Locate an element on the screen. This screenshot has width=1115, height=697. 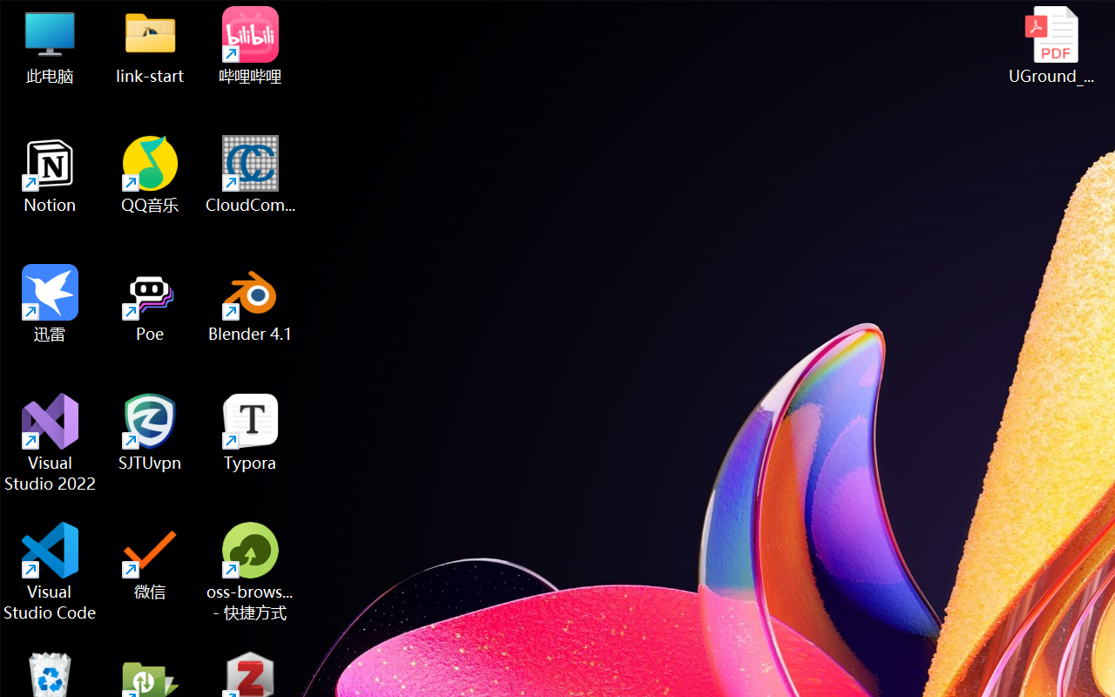
'Poe' is located at coordinates (150, 303).